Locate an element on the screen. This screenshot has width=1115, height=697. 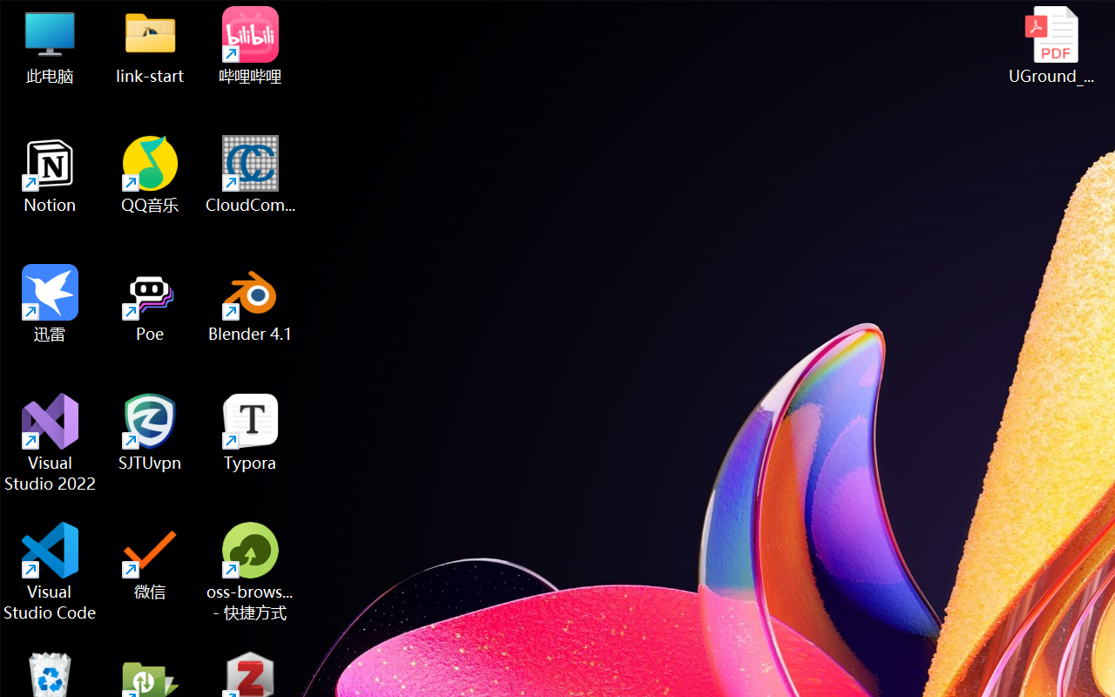
'Poe' is located at coordinates (150, 303).